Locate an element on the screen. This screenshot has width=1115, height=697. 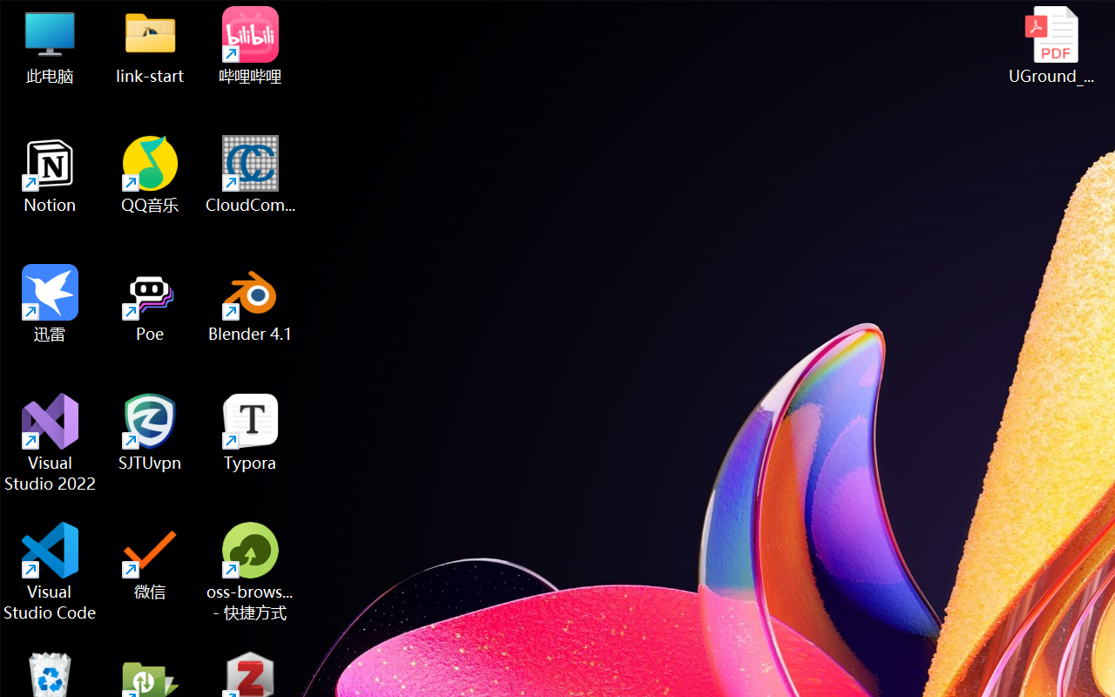
'Poe' is located at coordinates (150, 303).